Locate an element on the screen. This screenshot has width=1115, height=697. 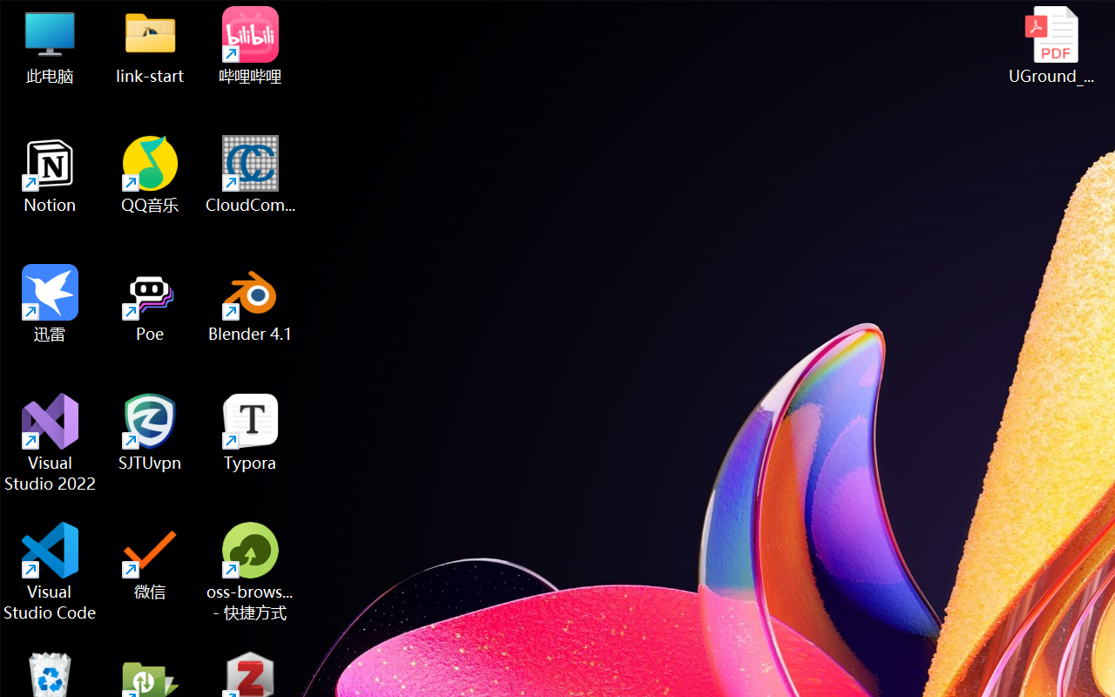
'Poe' is located at coordinates (150, 303).